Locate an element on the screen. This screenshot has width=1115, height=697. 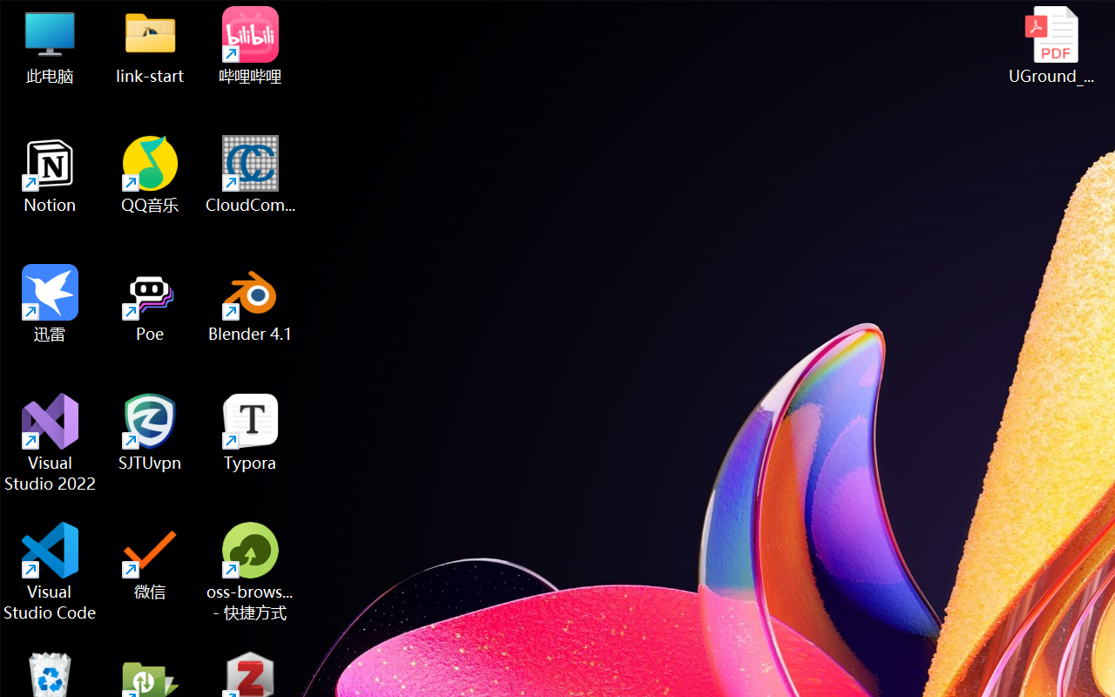
'Poe' is located at coordinates (150, 303).